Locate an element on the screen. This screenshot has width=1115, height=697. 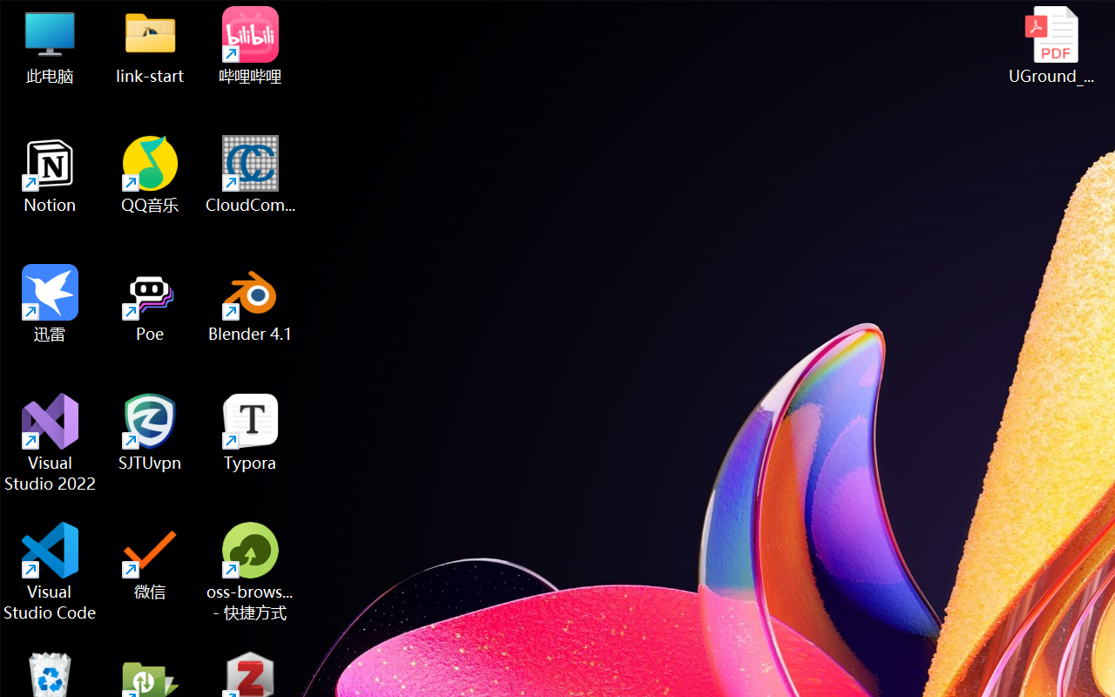
'Poe' is located at coordinates (150, 303).